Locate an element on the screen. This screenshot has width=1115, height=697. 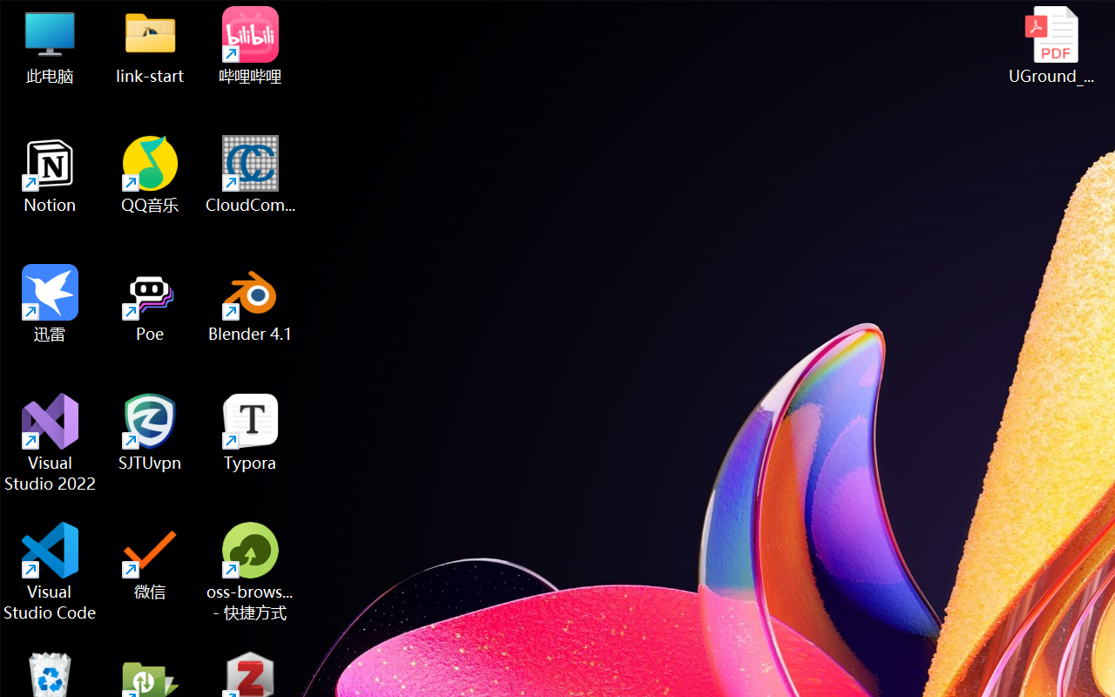
'Poe' is located at coordinates (150, 303).